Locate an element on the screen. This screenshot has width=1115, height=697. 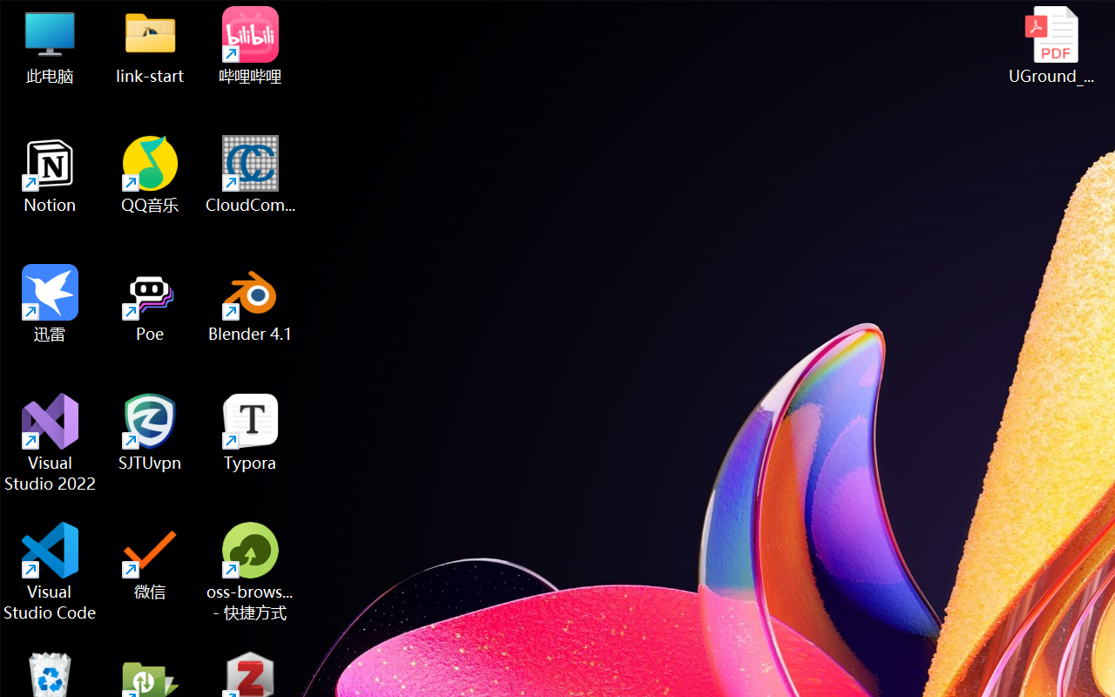
'Poe' is located at coordinates (150, 303).